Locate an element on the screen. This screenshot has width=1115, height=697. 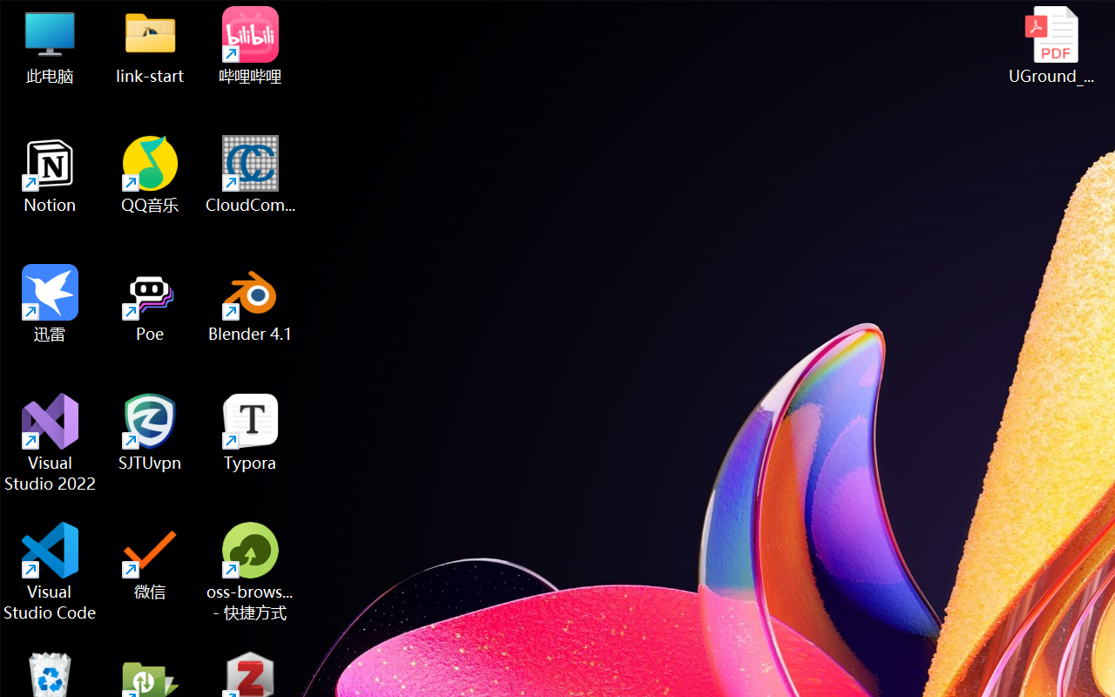
'Poe' is located at coordinates (150, 303).